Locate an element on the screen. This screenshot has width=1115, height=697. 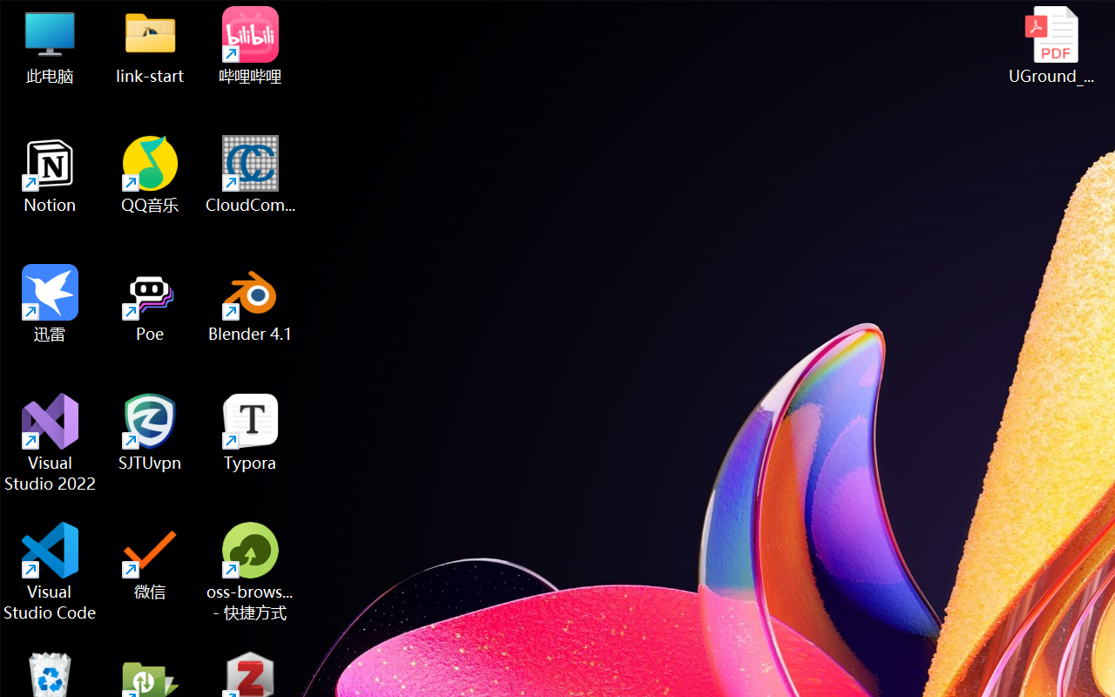
'Poe' is located at coordinates (150, 303).